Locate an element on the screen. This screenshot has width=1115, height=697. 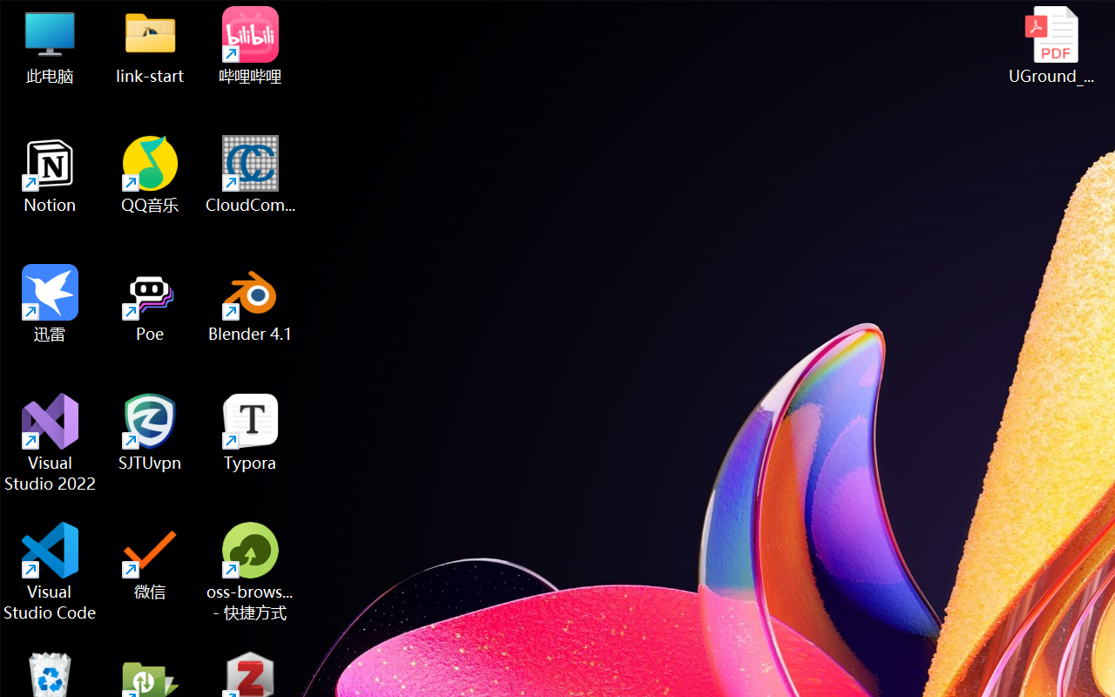
'Poe' is located at coordinates (150, 303).